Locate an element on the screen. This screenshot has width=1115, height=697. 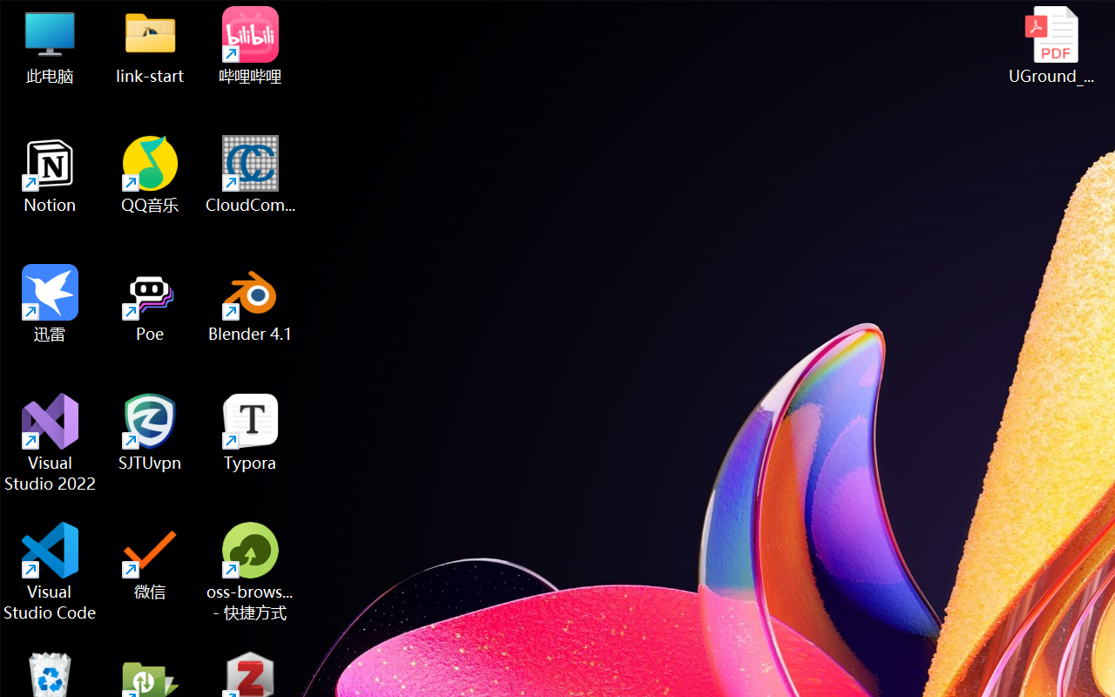
'Poe' is located at coordinates (150, 303).